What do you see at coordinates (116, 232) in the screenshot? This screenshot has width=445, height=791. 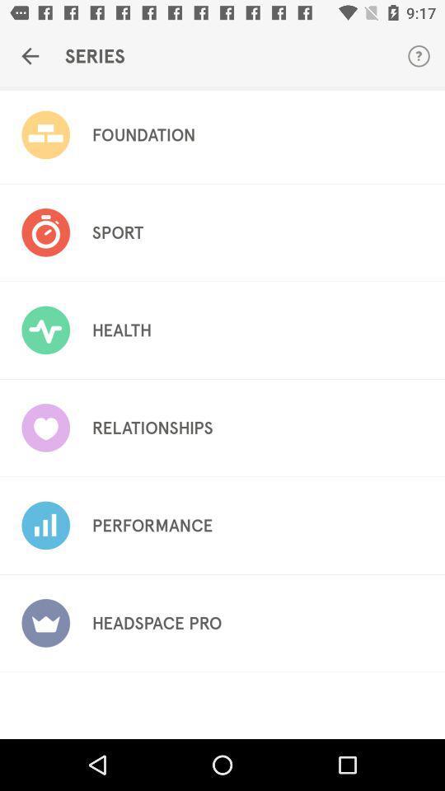 I see `the sport icon` at bounding box center [116, 232].